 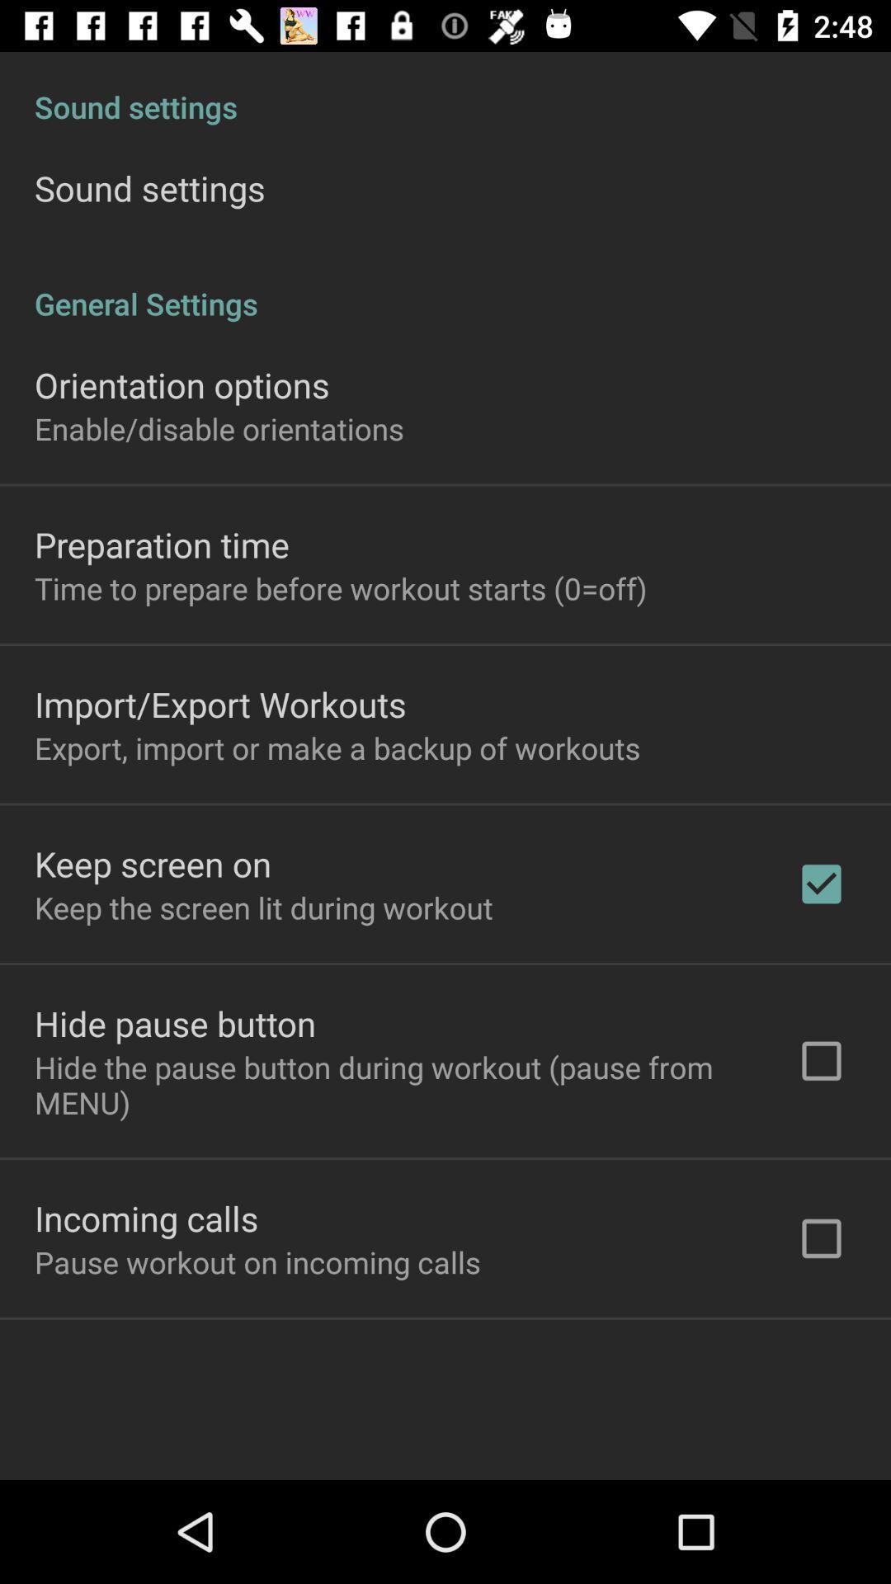 I want to click on item below sound settings, so click(x=445, y=286).